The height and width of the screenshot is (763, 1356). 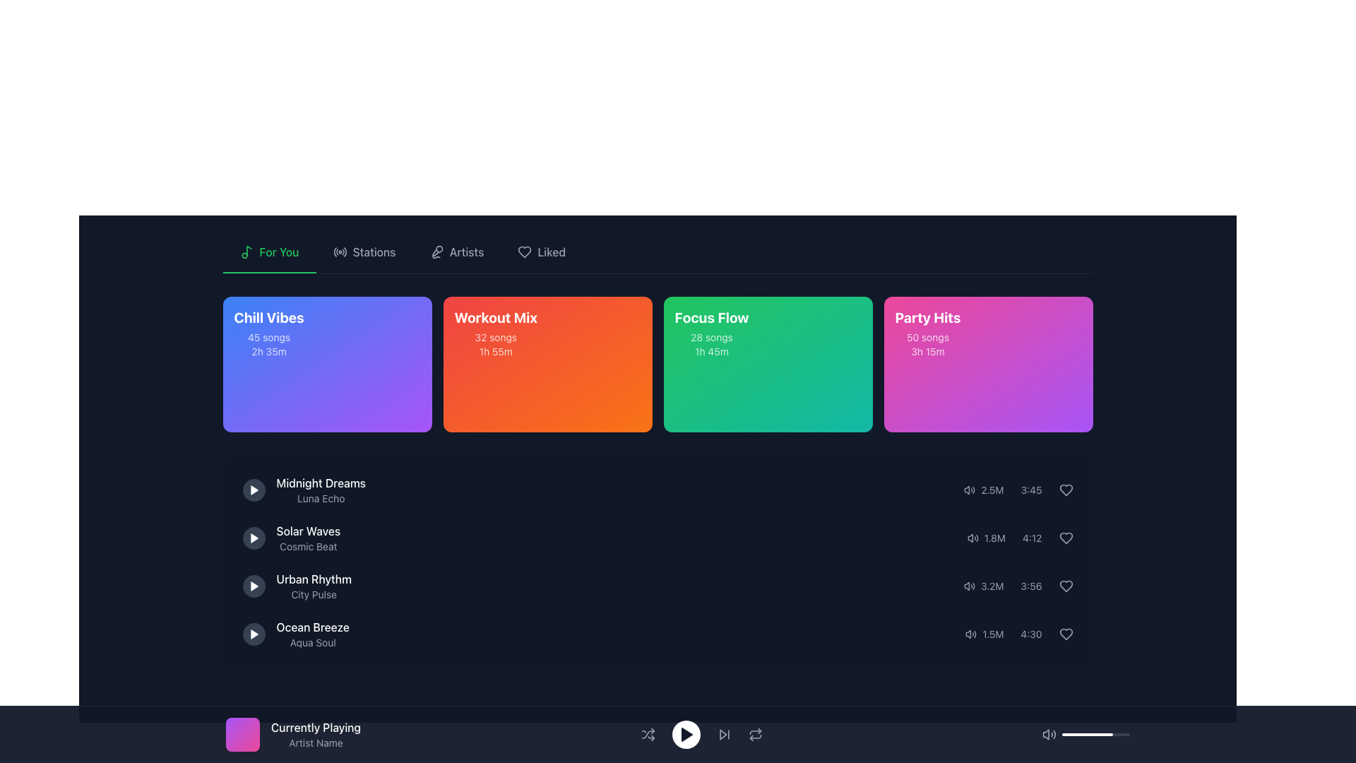 What do you see at coordinates (1031, 490) in the screenshot?
I see `the static text label indicating a duration or time value located in the lower section of the interface, adjacent to the numeric representation '2.5M' and a sound icon, in the second column of the list below the 'Party Hits' card` at bounding box center [1031, 490].